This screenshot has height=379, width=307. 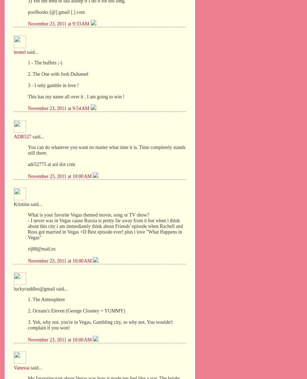 I want to click on 'Vanessa', so click(x=21, y=368).